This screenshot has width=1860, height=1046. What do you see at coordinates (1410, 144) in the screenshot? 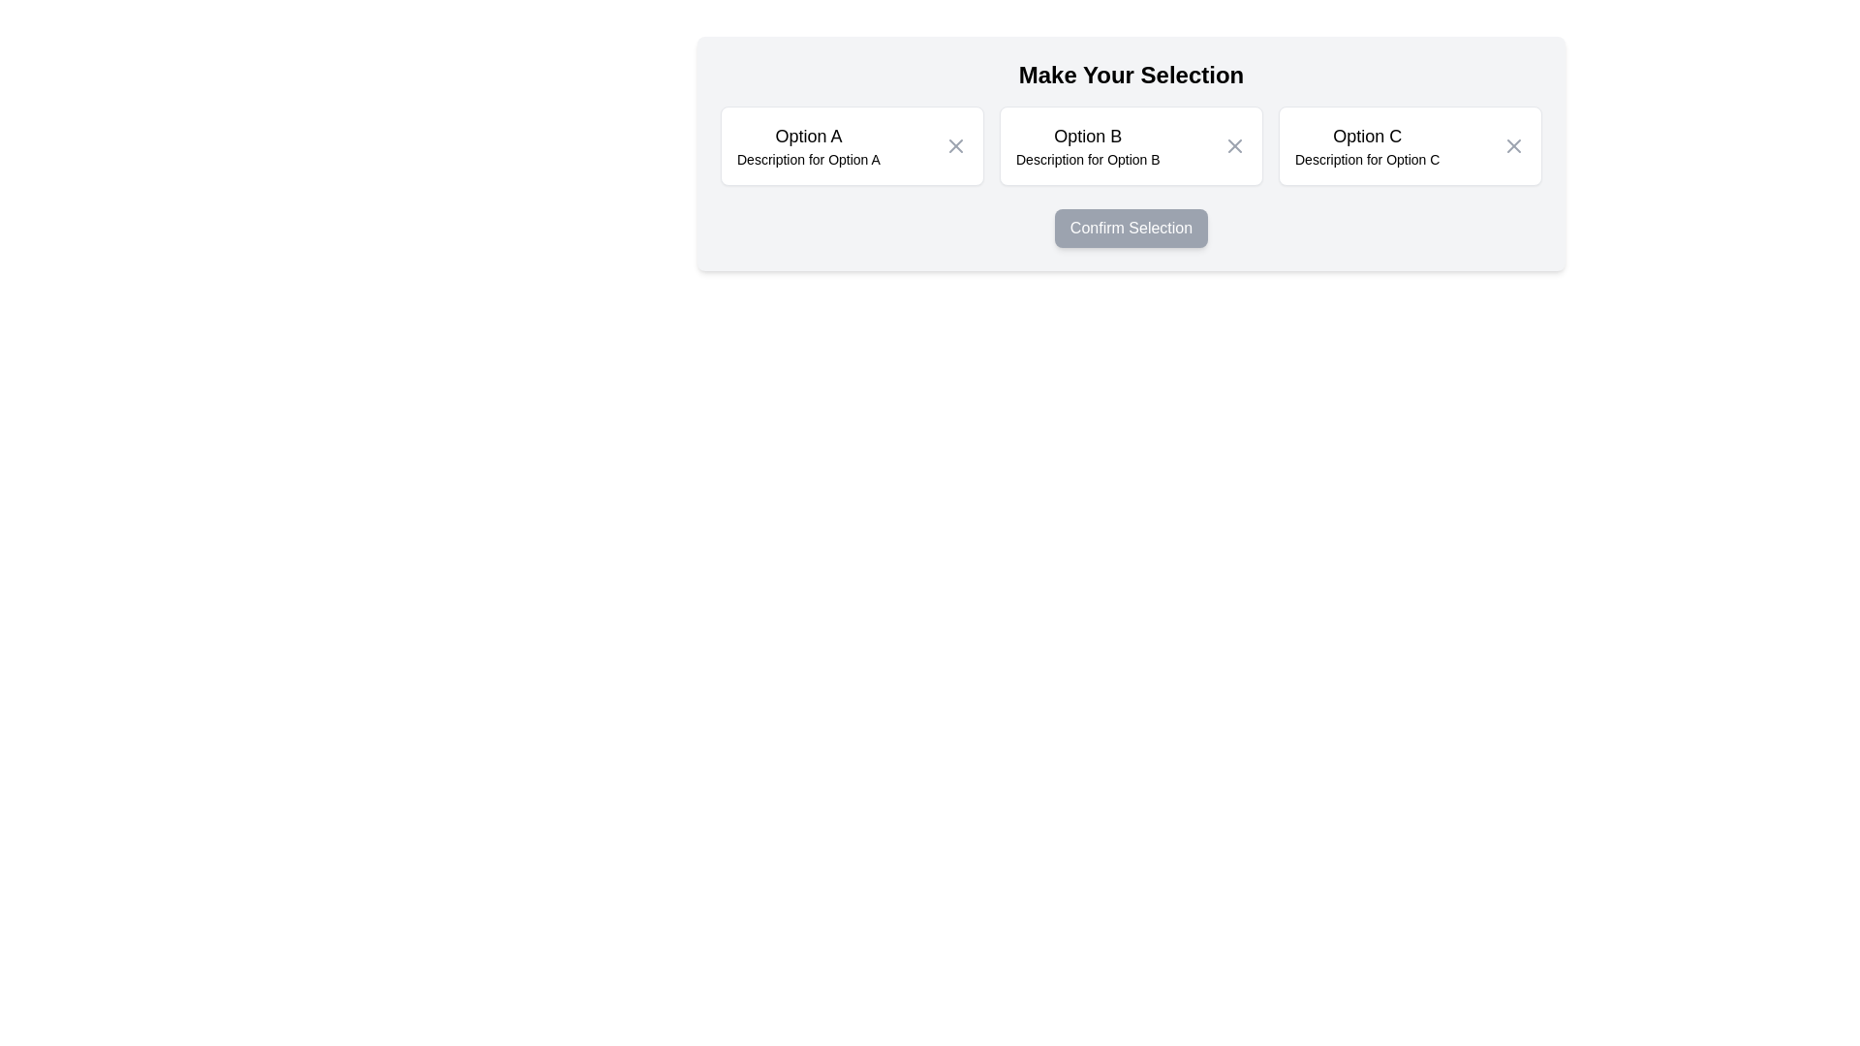
I see `to select the third entry titled 'Option C' on the selectable card with an action icon located centrally in the grid` at bounding box center [1410, 144].